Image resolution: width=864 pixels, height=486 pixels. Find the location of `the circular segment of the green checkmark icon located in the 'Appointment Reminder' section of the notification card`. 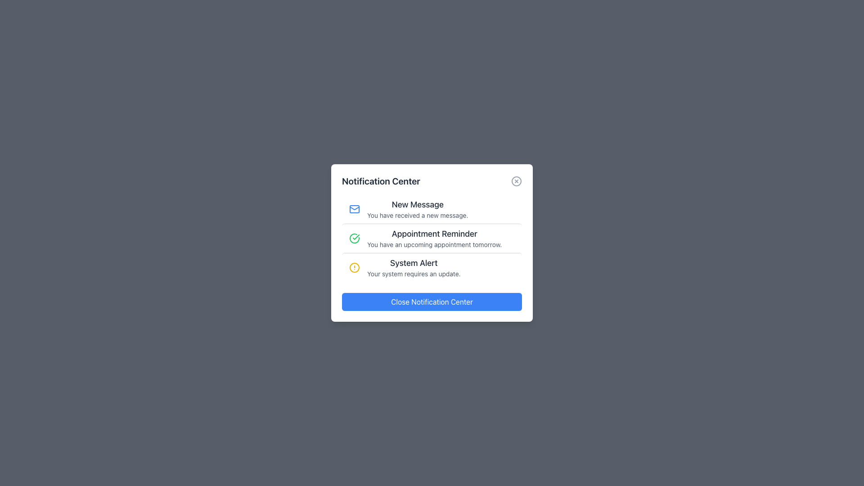

the circular segment of the green checkmark icon located in the 'Appointment Reminder' section of the notification card is located at coordinates (354, 238).